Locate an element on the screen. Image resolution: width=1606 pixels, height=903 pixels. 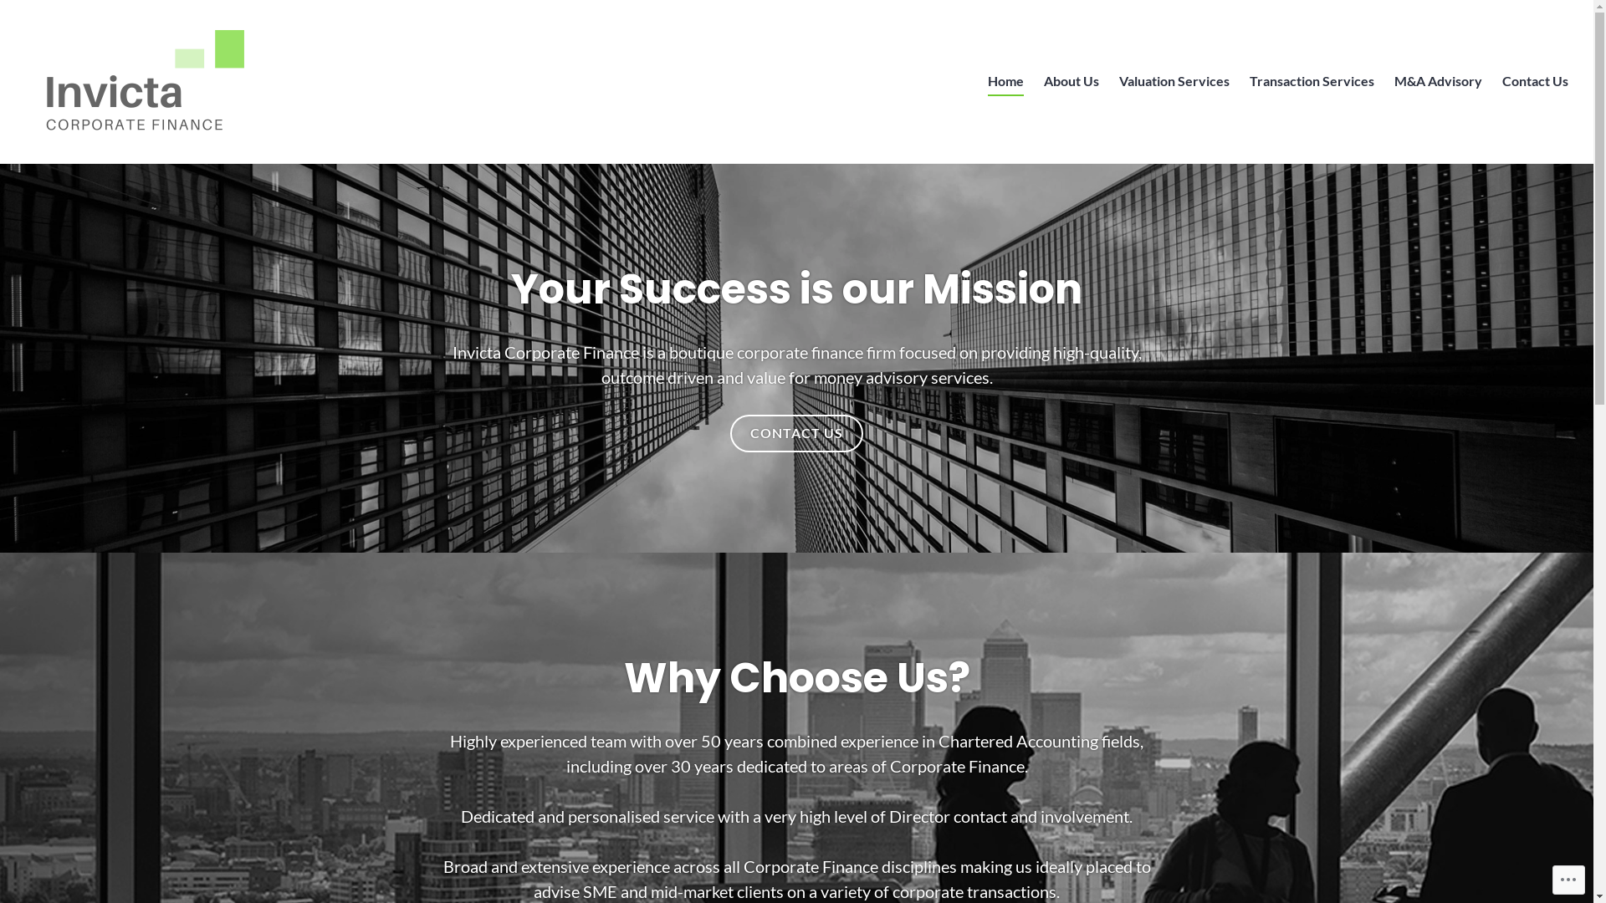
'Home' is located at coordinates (1005, 80).